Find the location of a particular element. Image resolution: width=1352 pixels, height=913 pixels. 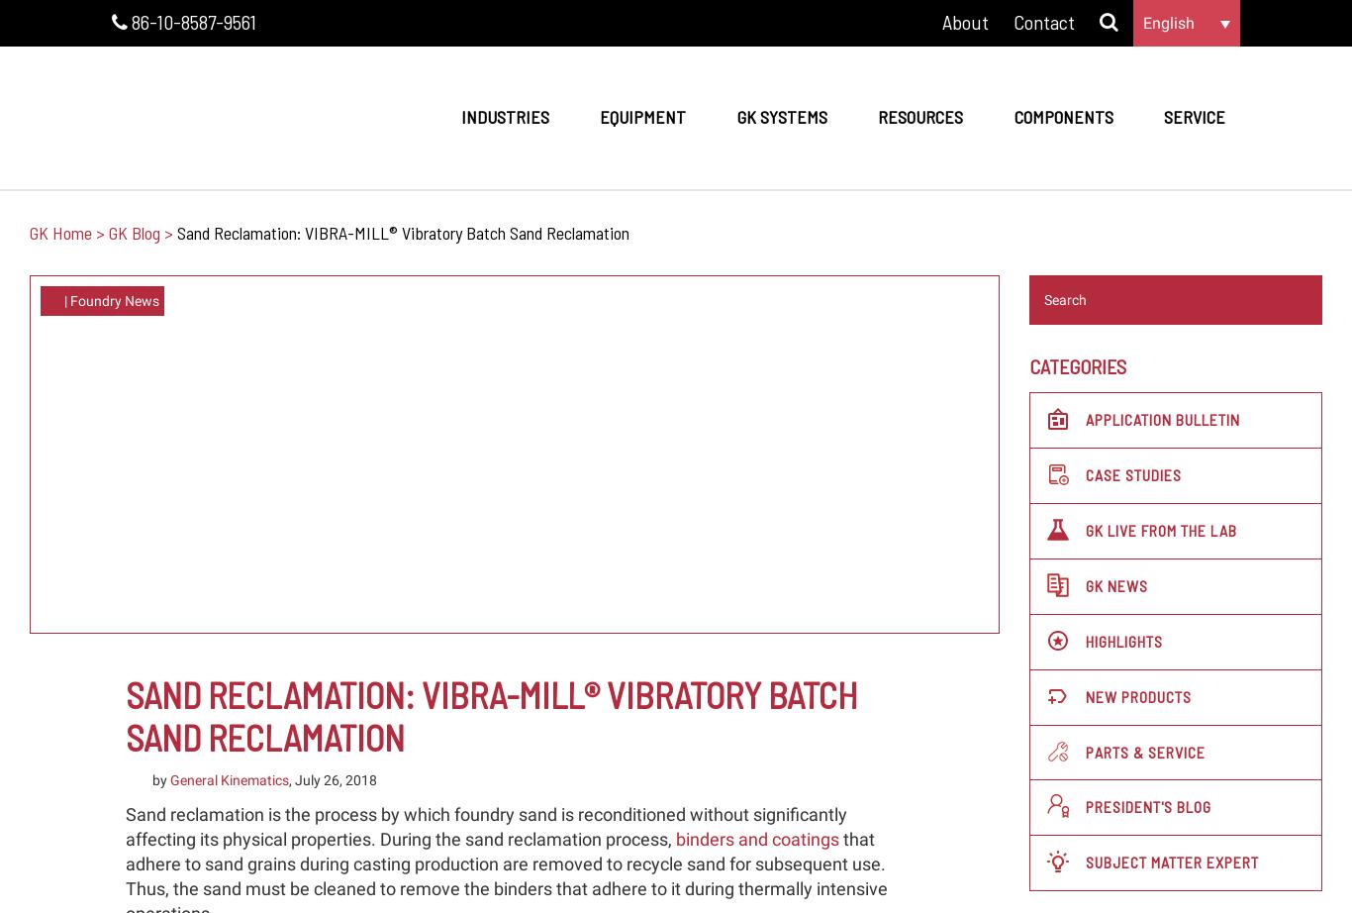

'Equipment' is located at coordinates (641, 116).